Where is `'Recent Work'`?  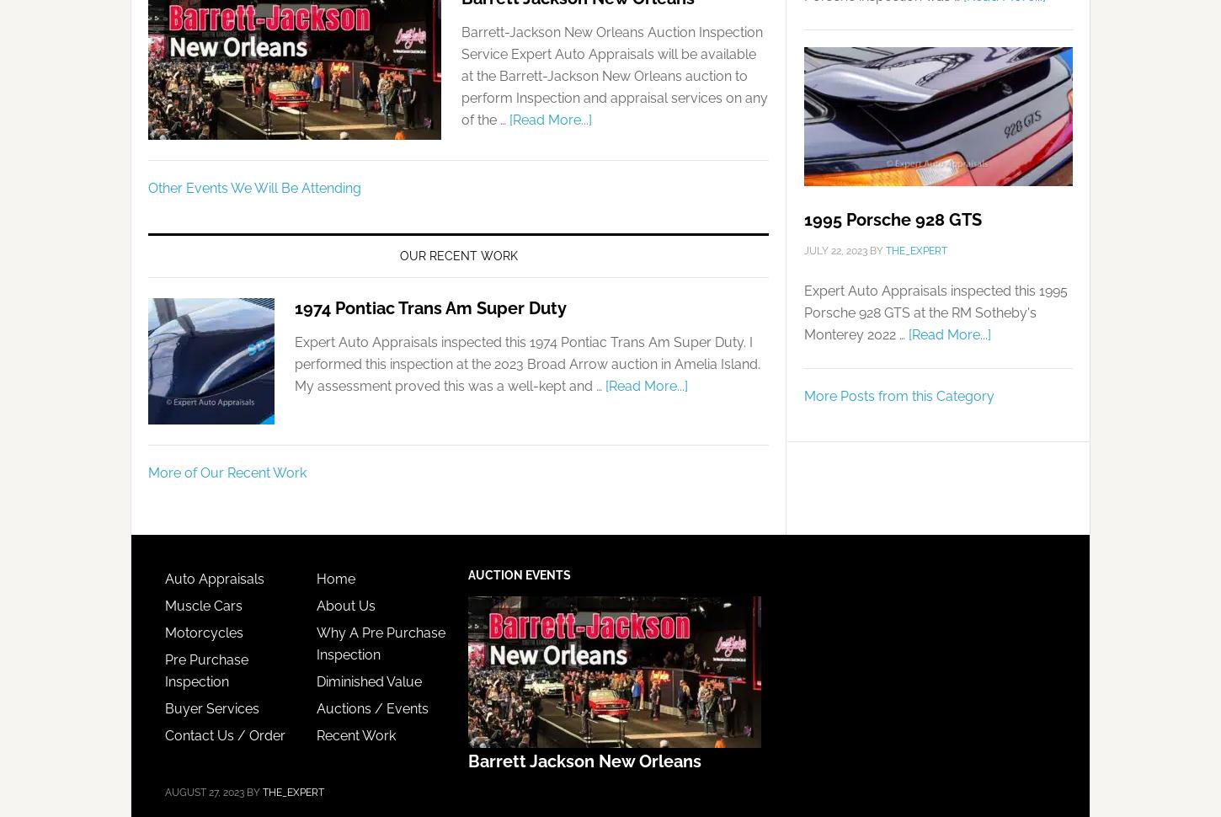 'Recent Work' is located at coordinates (315, 734).